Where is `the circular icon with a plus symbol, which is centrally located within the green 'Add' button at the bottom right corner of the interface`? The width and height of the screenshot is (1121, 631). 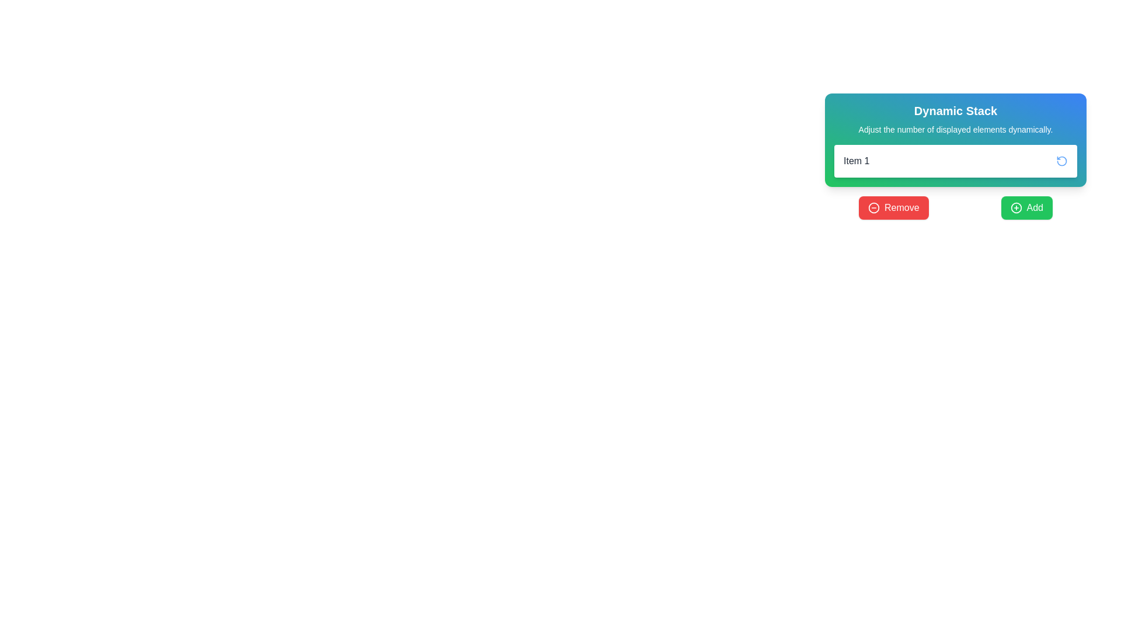 the circular icon with a plus symbol, which is centrally located within the green 'Add' button at the bottom right corner of the interface is located at coordinates (1015, 207).